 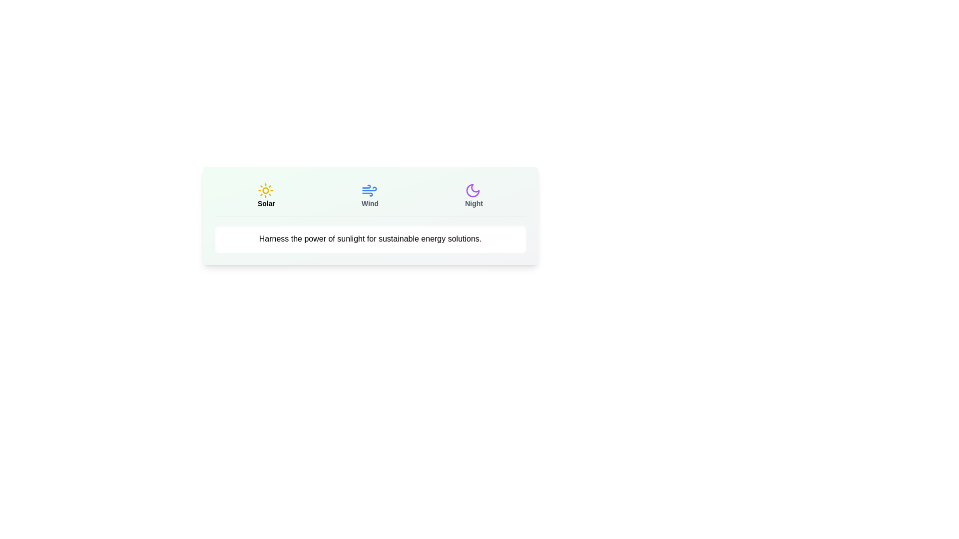 What do you see at coordinates (266, 196) in the screenshot?
I see `the Solar tab` at bounding box center [266, 196].